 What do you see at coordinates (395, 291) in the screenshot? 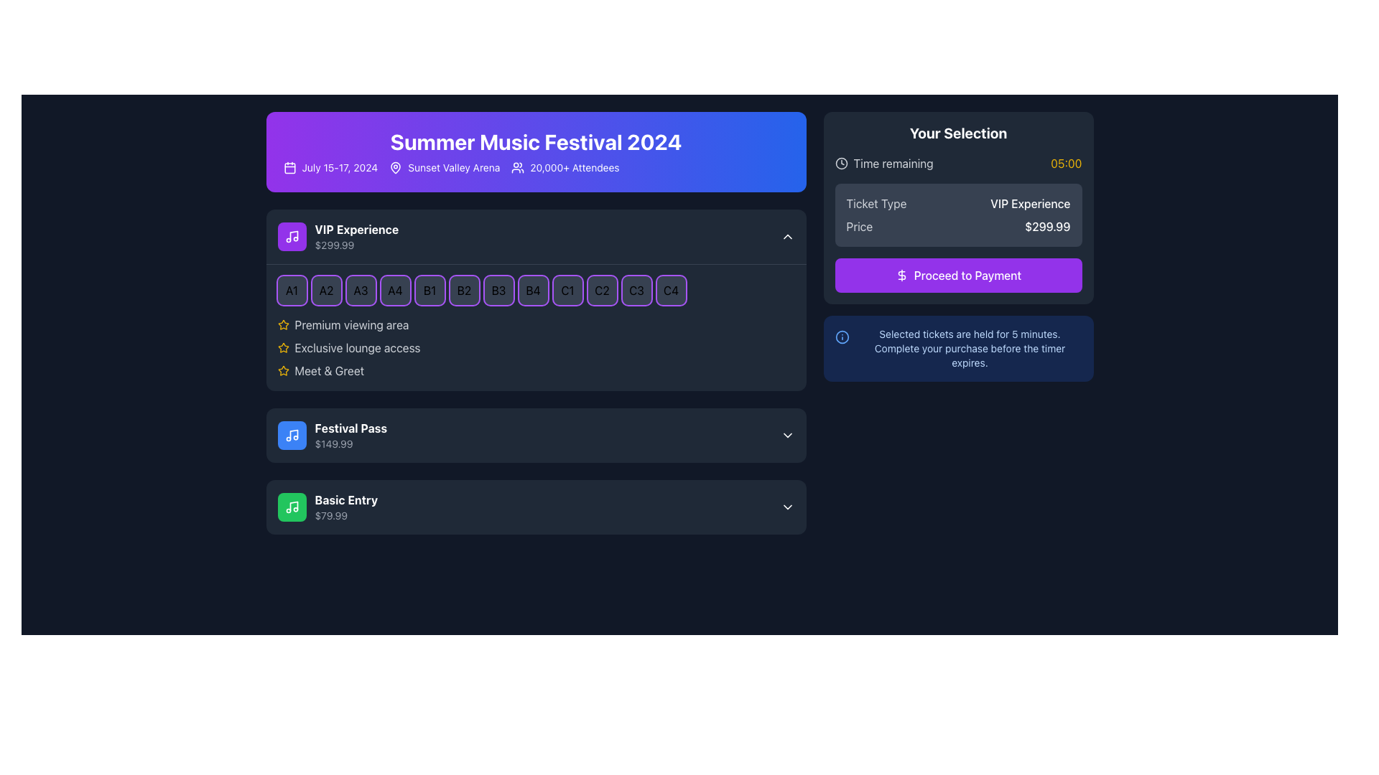
I see `the square gray button labeled 'A4' with rounded corners` at bounding box center [395, 291].